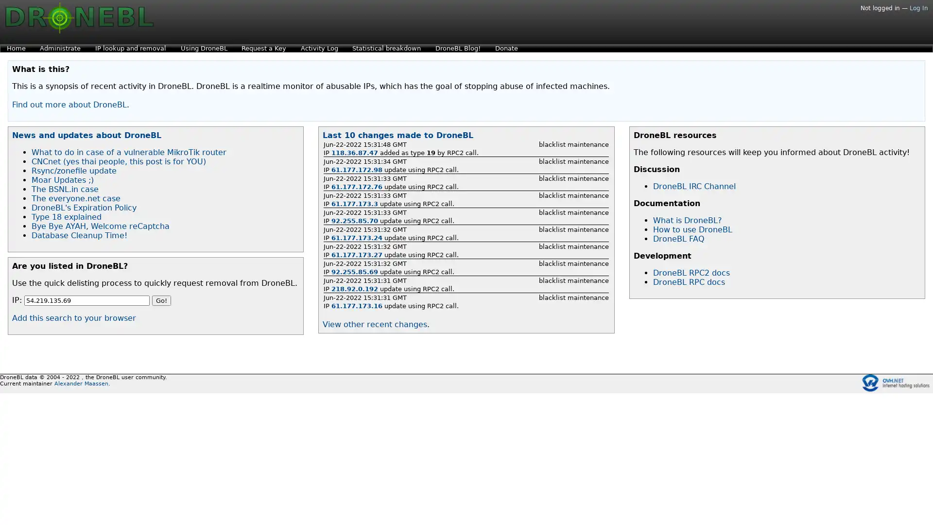 The image size is (933, 525). What do you see at coordinates (161, 300) in the screenshot?
I see `Go!` at bounding box center [161, 300].